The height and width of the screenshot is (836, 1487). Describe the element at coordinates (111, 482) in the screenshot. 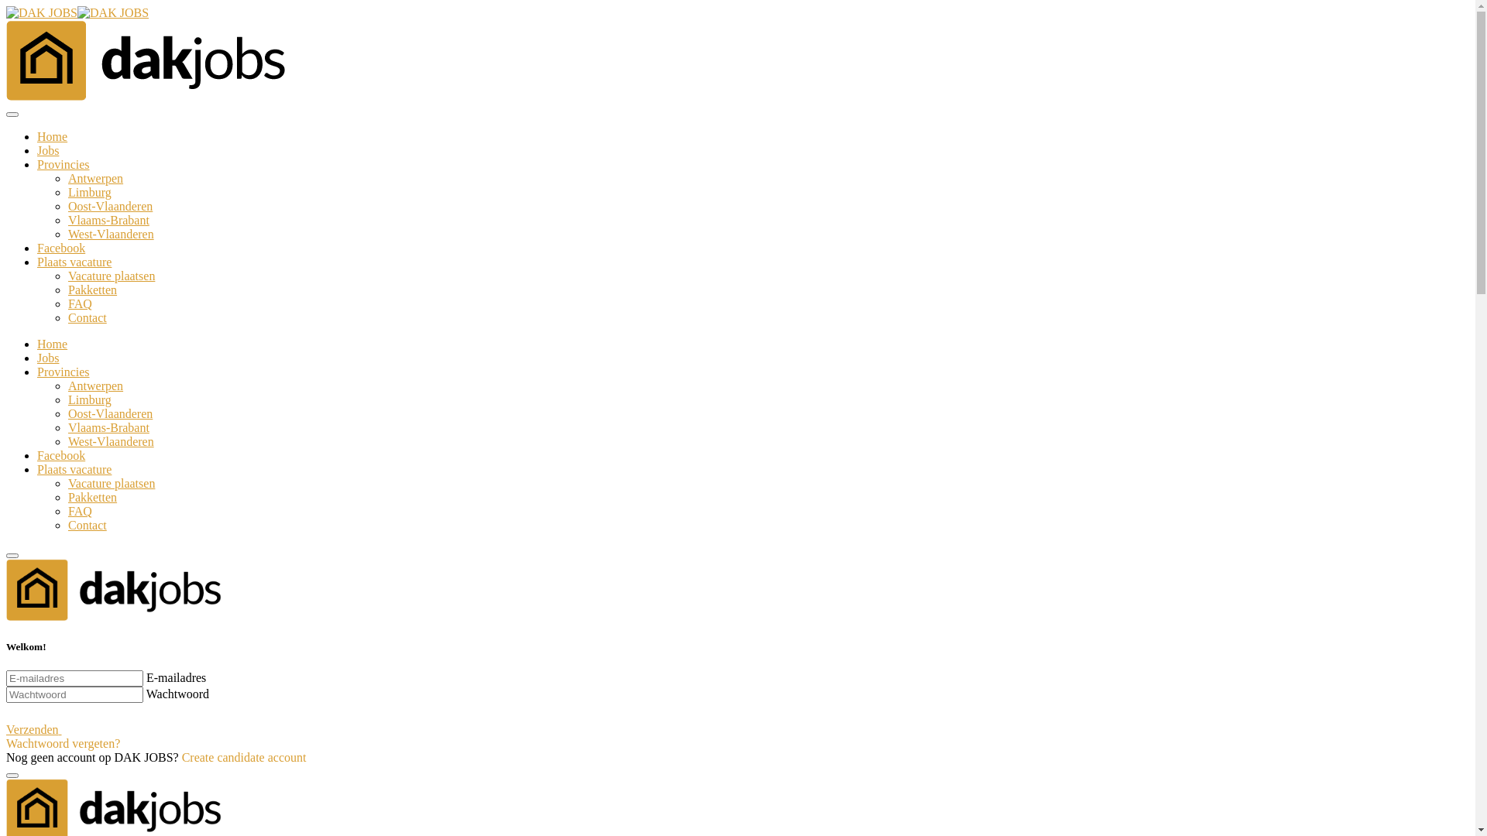

I see `'Vacature plaatsen'` at that location.